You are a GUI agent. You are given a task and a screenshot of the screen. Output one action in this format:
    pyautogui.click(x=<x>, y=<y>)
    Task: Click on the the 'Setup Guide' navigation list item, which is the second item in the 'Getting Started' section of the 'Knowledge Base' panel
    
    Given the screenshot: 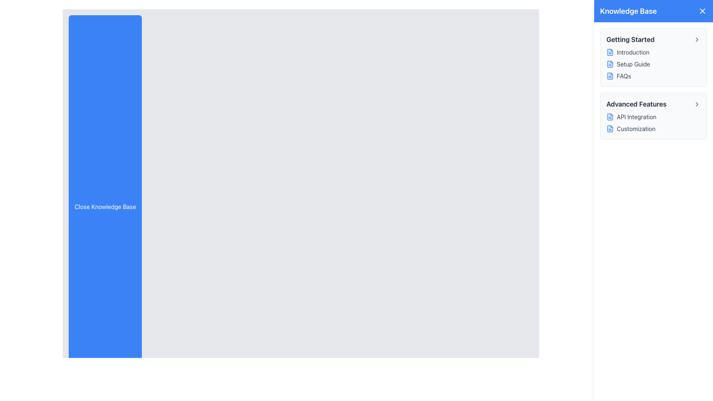 What is the action you would take?
    pyautogui.click(x=654, y=64)
    